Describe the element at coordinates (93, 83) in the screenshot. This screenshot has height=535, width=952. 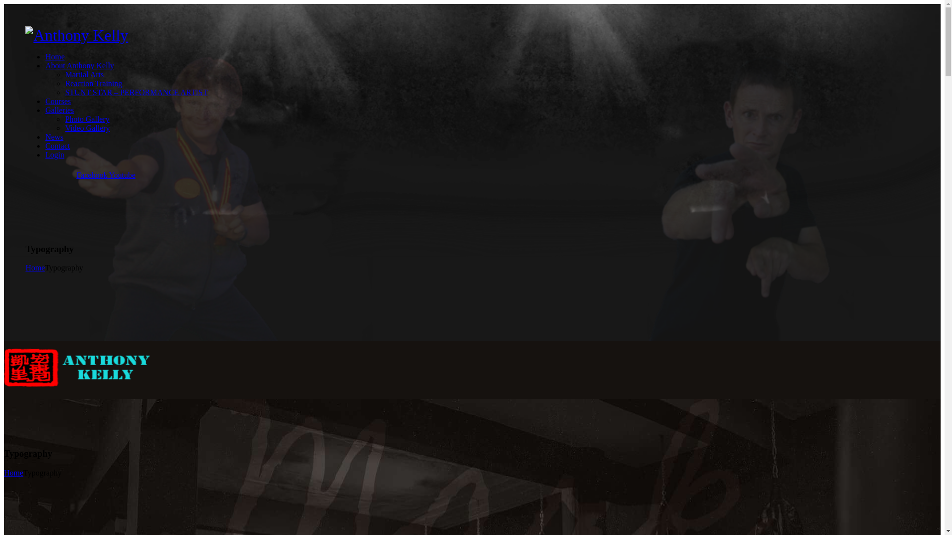
I see `'Reaction Training'` at that location.